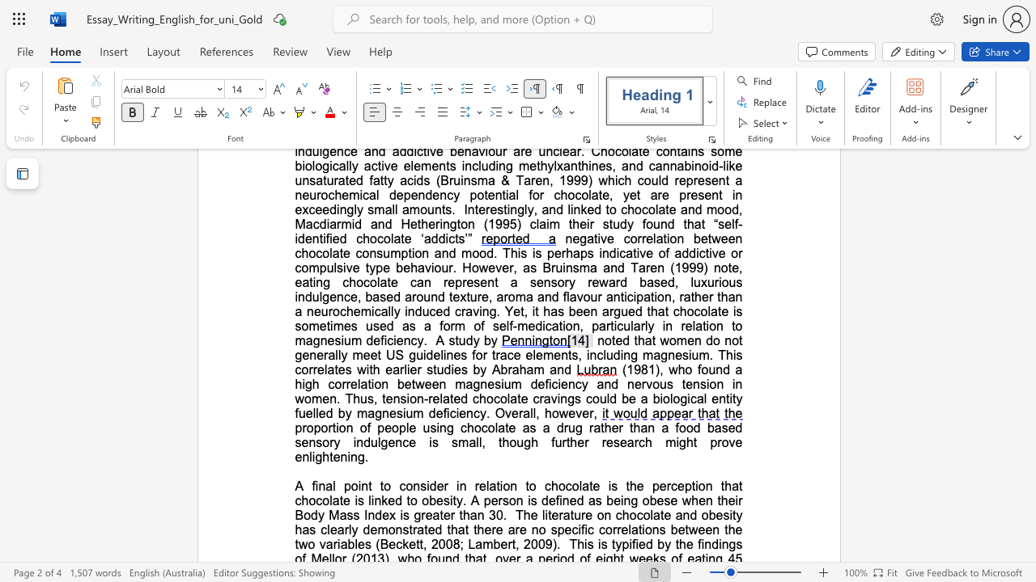  Describe the element at coordinates (405, 485) in the screenshot. I see `the subset text "onsider in relation" within the text "to consider in relation to chocolate is the"` at that location.